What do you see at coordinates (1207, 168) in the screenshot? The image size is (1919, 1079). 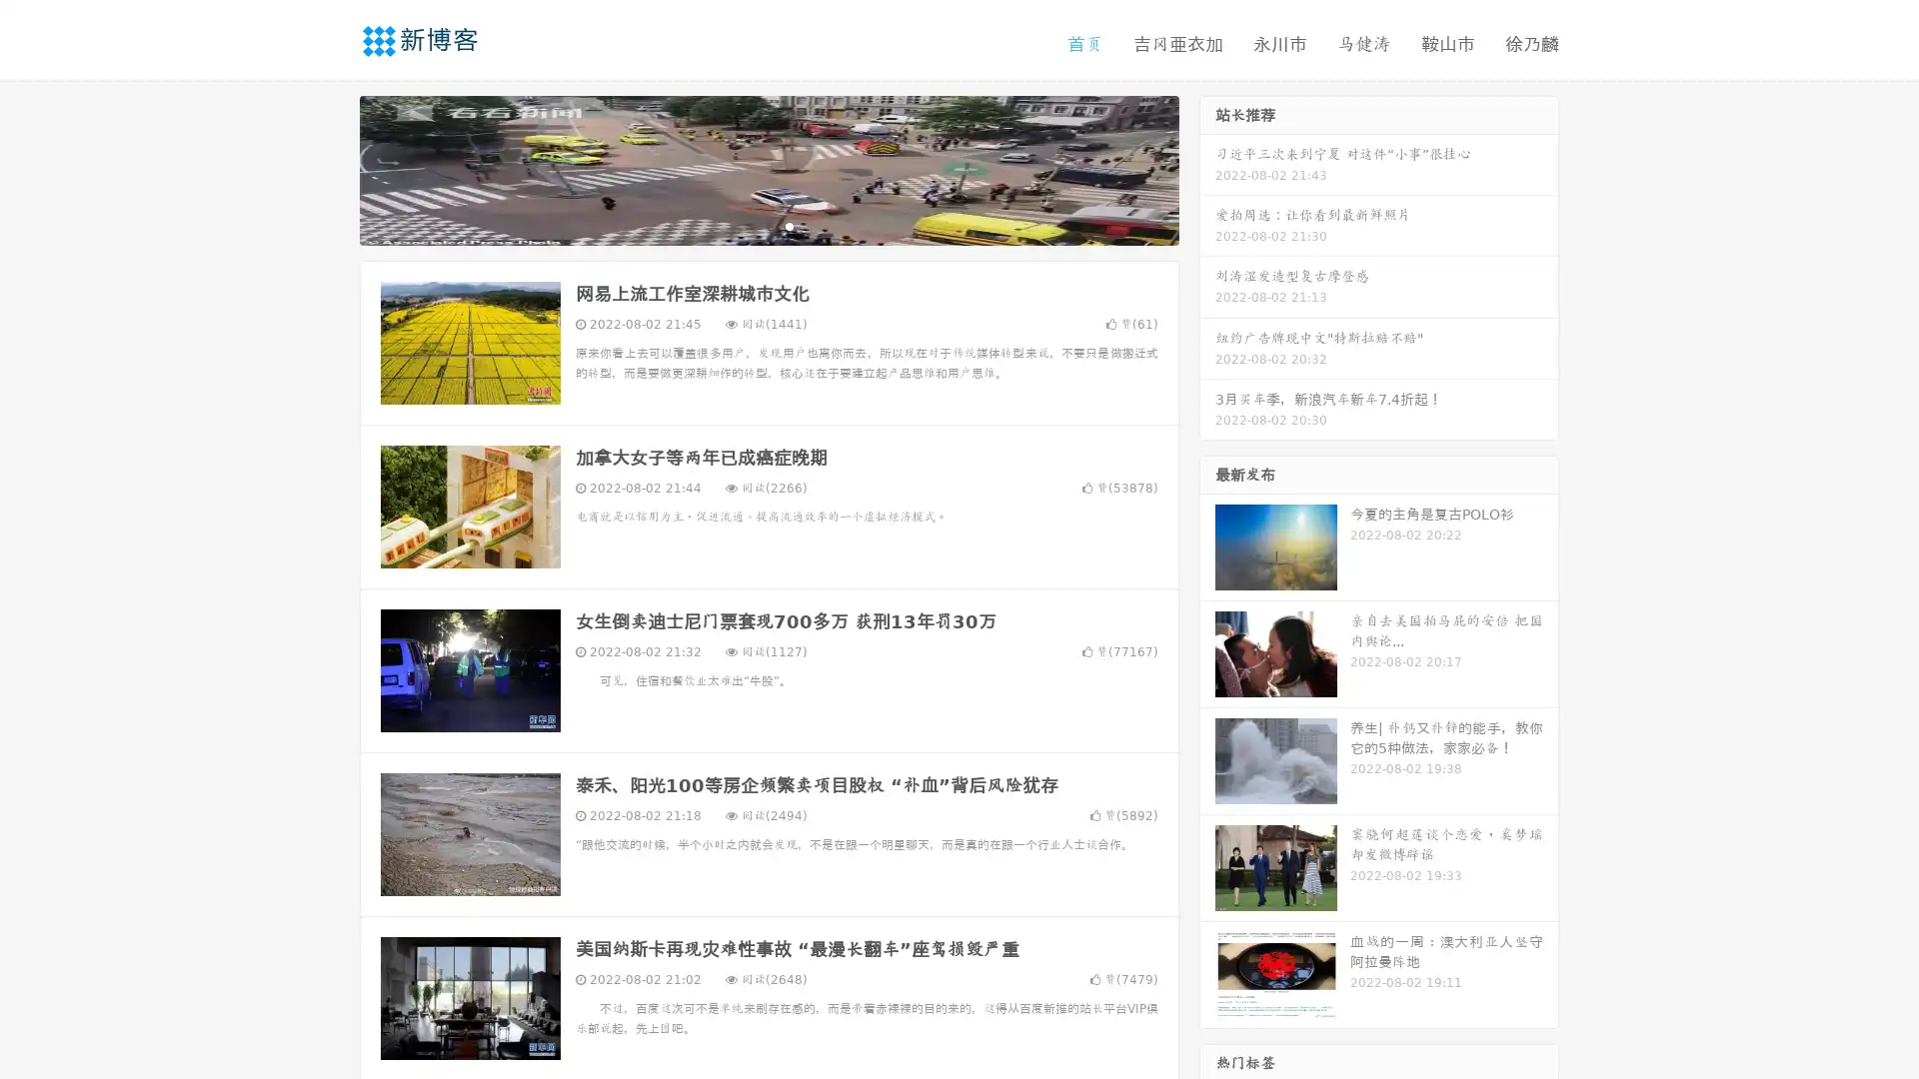 I see `Next slide` at bounding box center [1207, 168].